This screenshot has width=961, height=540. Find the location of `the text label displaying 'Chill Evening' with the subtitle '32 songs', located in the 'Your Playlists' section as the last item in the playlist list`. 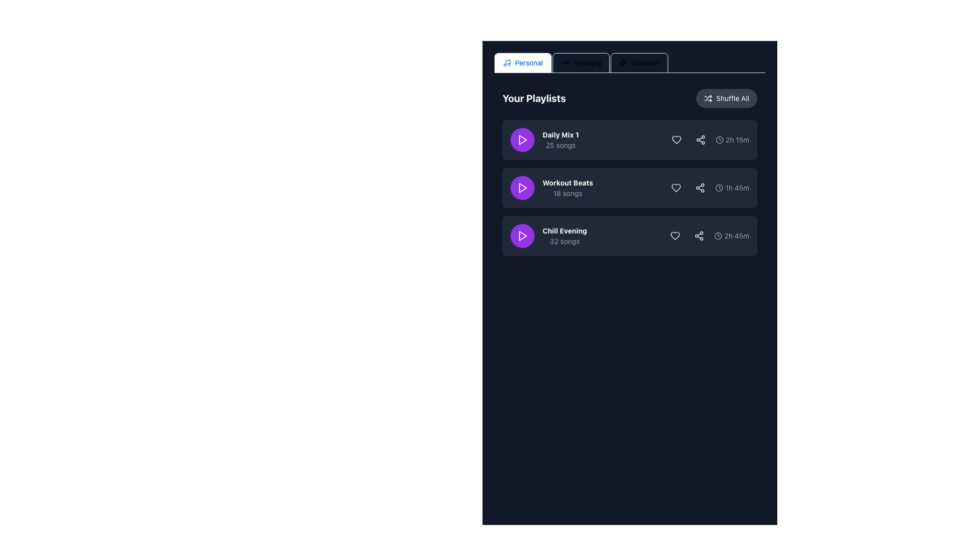

the text label displaying 'Chill Evening' with the subtitle '32 songs', located in the 'Your Playlists' section as the last item in the playlist list is located at coordinates (565, 235).